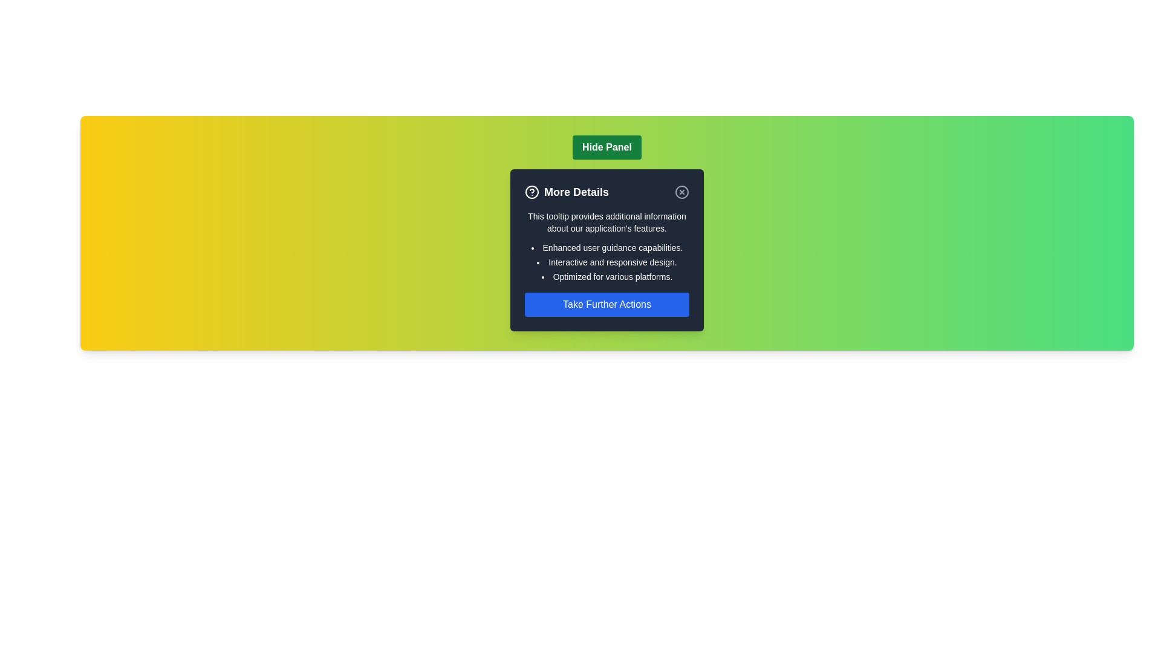  Describe the element at coordinates (607, 262) in the screenshot. I see `information from the bullet points in the list located below the 'More Details' header and above the 'Take Further Actions' button` at that location.